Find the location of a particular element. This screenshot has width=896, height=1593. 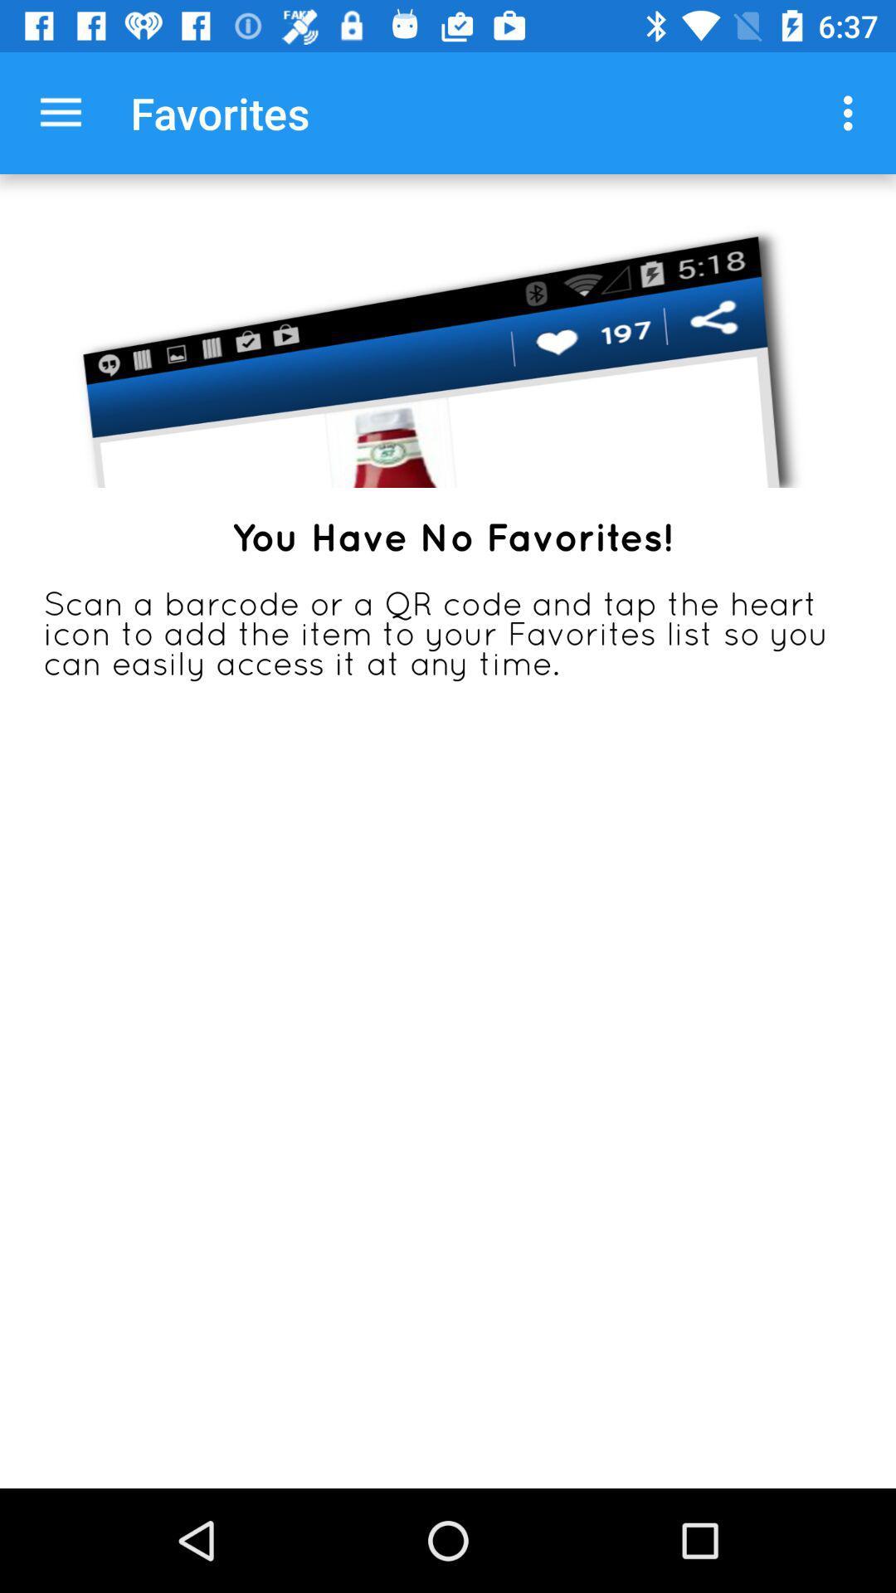

the app to the left of favorites app is located at coordinates (60, 112).